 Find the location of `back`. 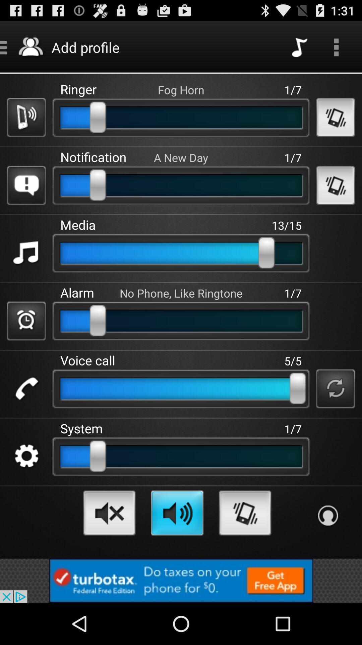

back is located at coordinates (336, 117).